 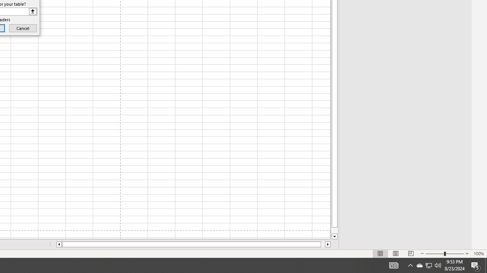 What do you see at coordinates (410, 254) in the screenshot?
I see `'Page Break Preview'` at bounding box center [410, 254].